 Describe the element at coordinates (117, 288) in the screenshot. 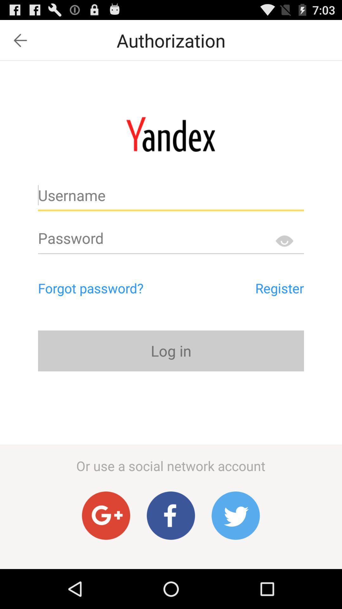

I see `item to the left of the register icon` at that location.